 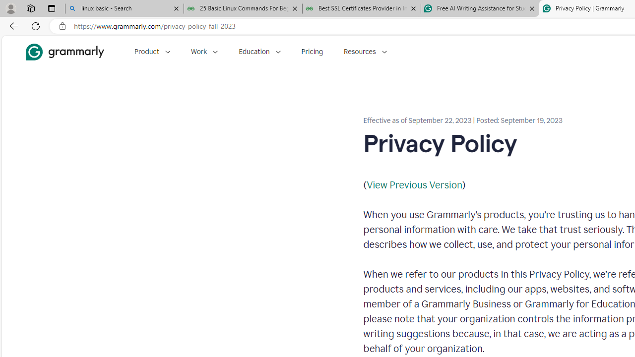 I want to click on 'linux basic - Search', so click(x=124, y=8).